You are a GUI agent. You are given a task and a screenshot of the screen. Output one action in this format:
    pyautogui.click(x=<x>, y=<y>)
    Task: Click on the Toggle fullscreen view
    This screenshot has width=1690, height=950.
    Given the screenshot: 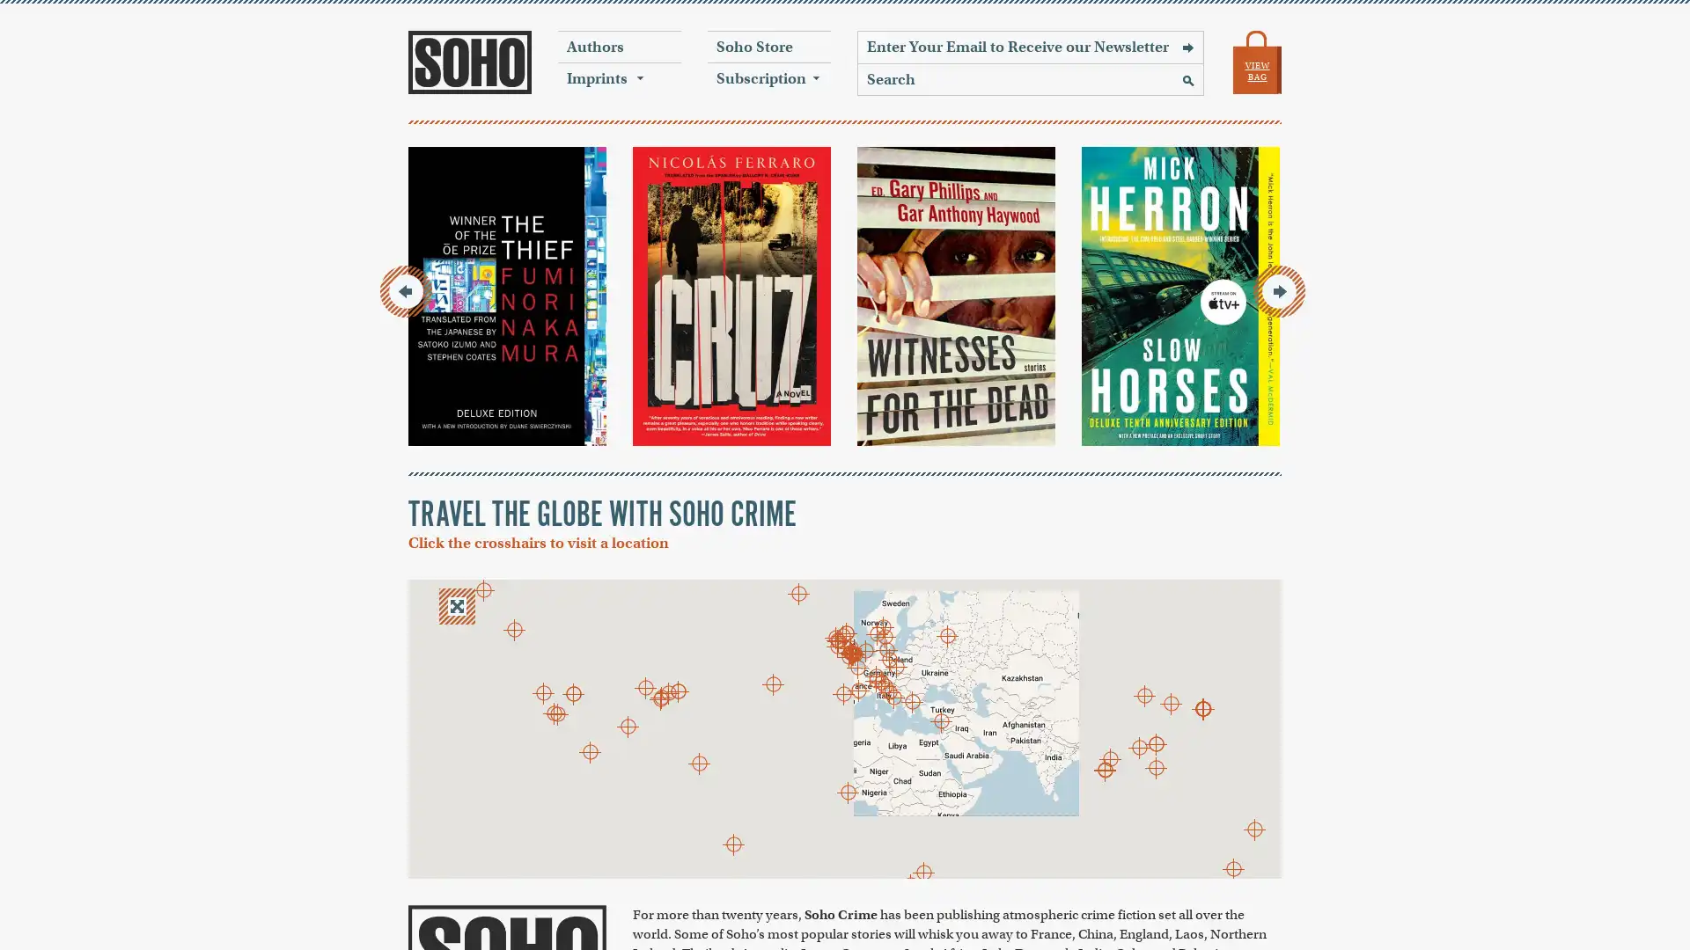 What is the action you would take?
    pyautogui.click(x=1253, y=603)
    